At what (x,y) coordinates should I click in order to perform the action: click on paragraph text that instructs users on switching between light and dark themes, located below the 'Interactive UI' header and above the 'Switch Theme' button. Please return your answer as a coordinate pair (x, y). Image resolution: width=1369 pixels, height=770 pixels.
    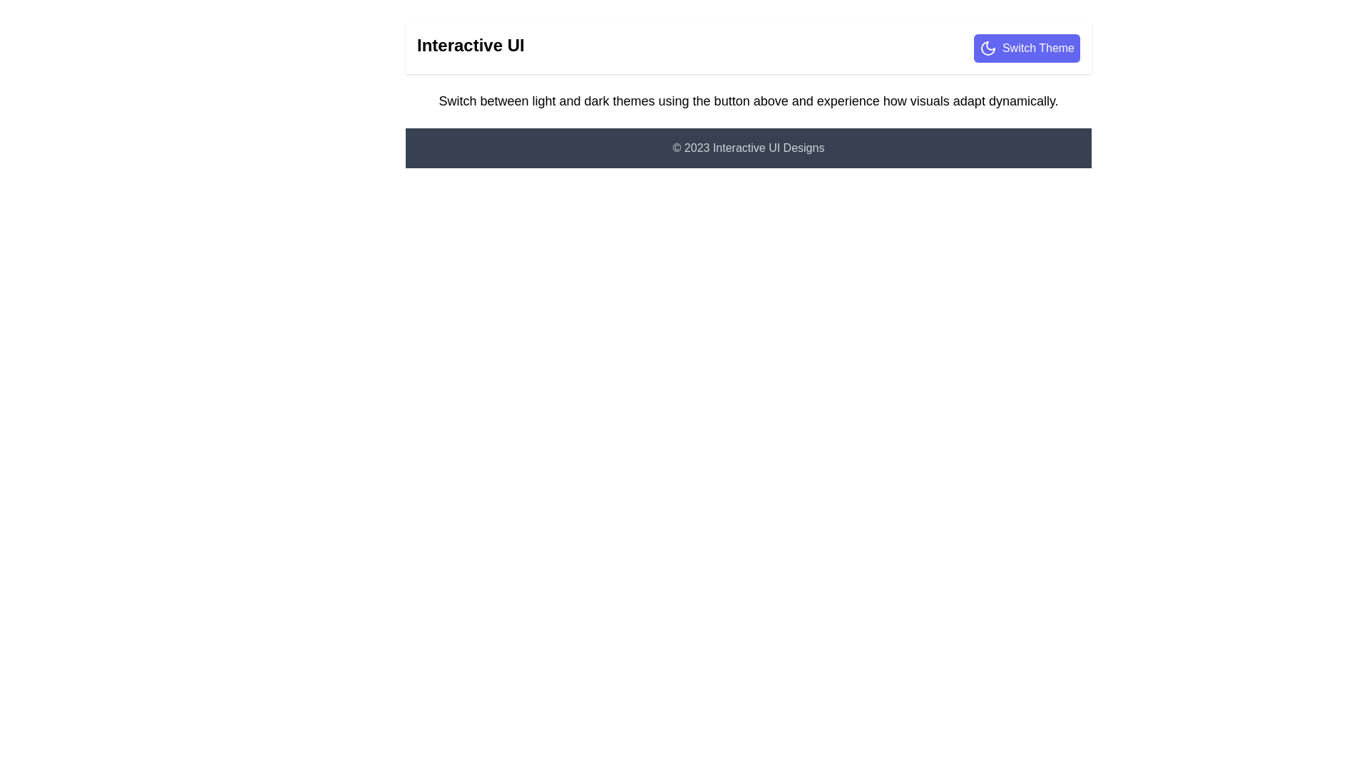
    Looking at the image, I should click on (748, 101).